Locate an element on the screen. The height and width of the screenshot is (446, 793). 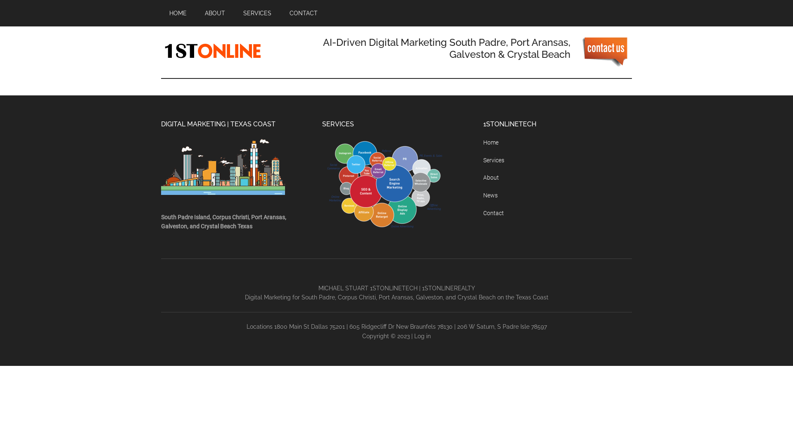
'Home' is located at coordinates (491, 142).